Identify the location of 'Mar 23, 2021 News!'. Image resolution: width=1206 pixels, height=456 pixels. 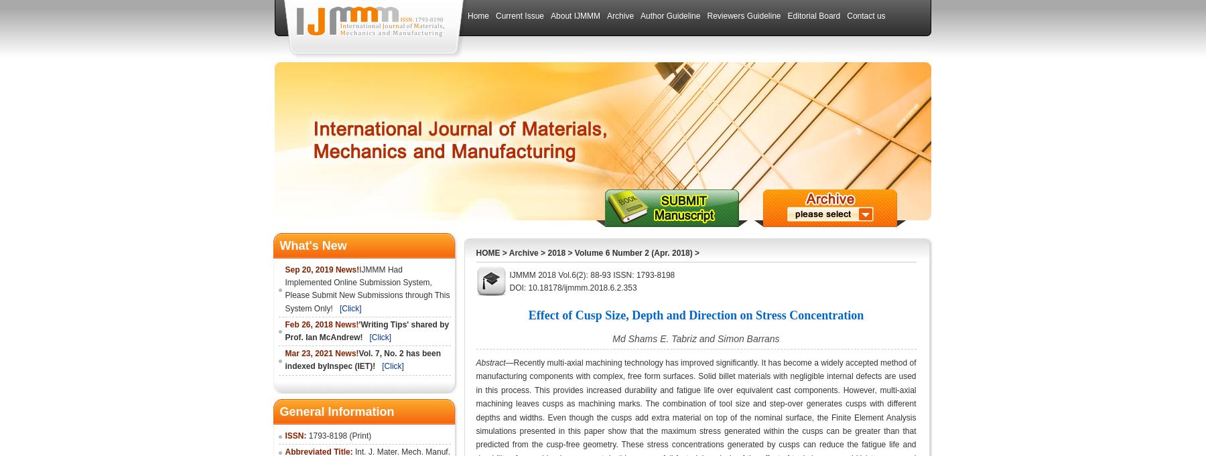
(321, 353).